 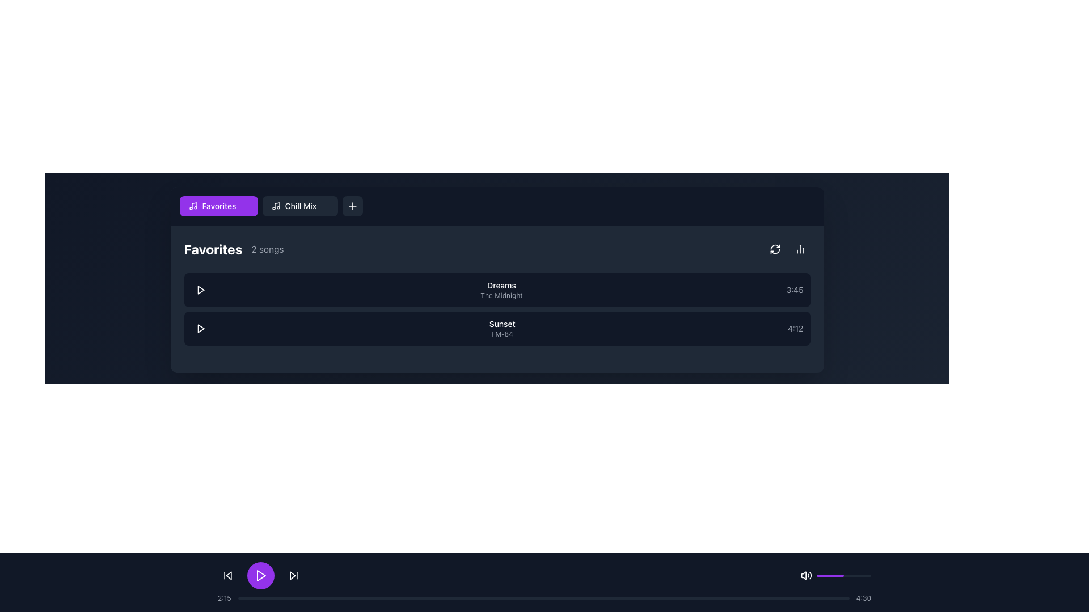 I want to click on the refresh button located on the right-hand side of the header bar for the 'Favorites' section, so click(x=774, y=248).